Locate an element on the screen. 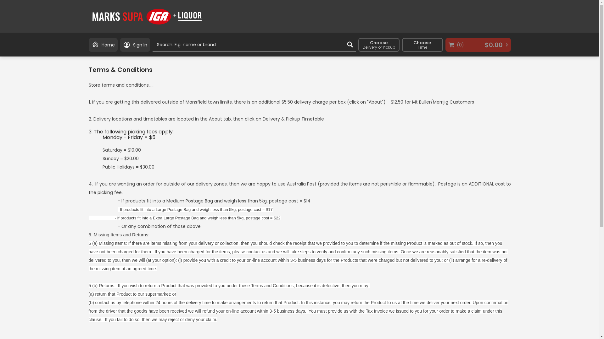 The image size is (604, 339). 'Search' is located at coordinates (350, 44).